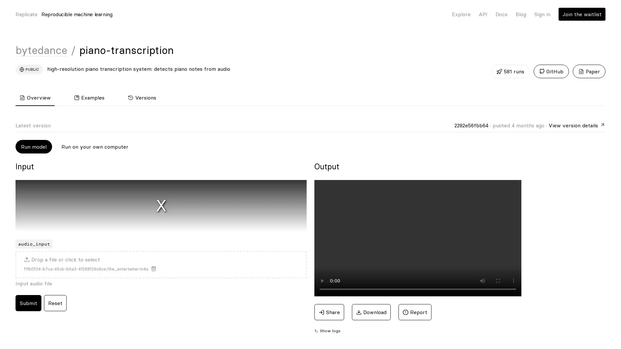 This screenshot has height=349, width=621. What do you see at coordinates (28, 303) in the screenshot?
I see `Submit` at bounding box center [28, 303].